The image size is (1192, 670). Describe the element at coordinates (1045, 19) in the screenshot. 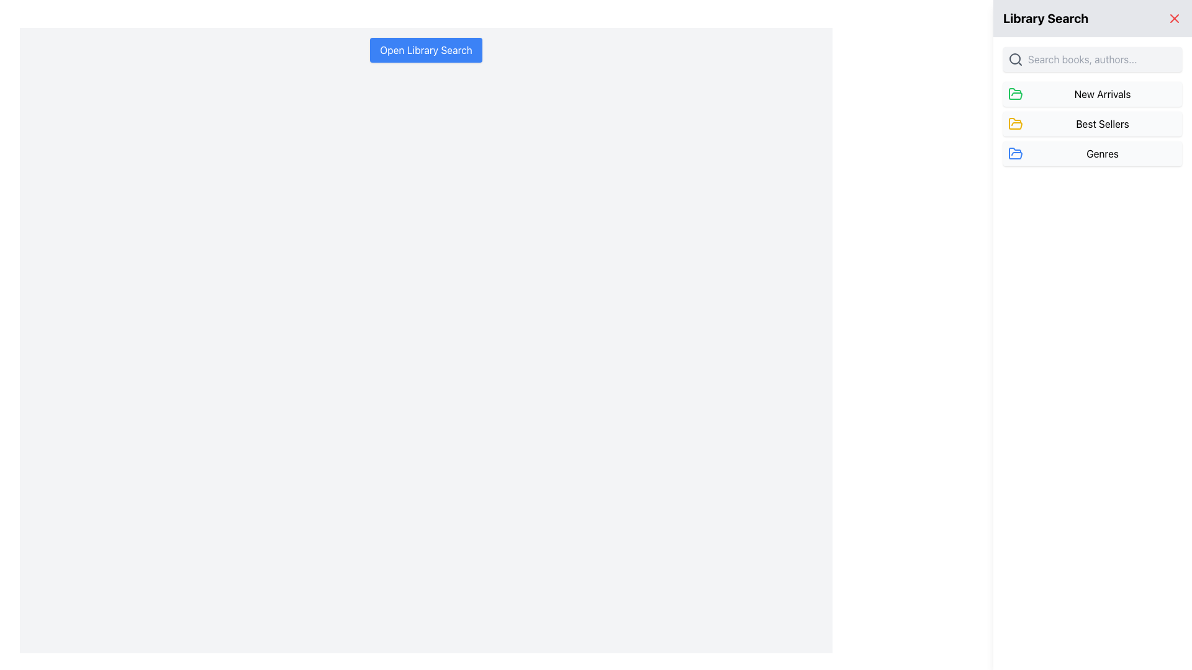

I see `the bold, large-sized text displaying 'Library Search' in black font, located in the header of the sidebar` at that location.